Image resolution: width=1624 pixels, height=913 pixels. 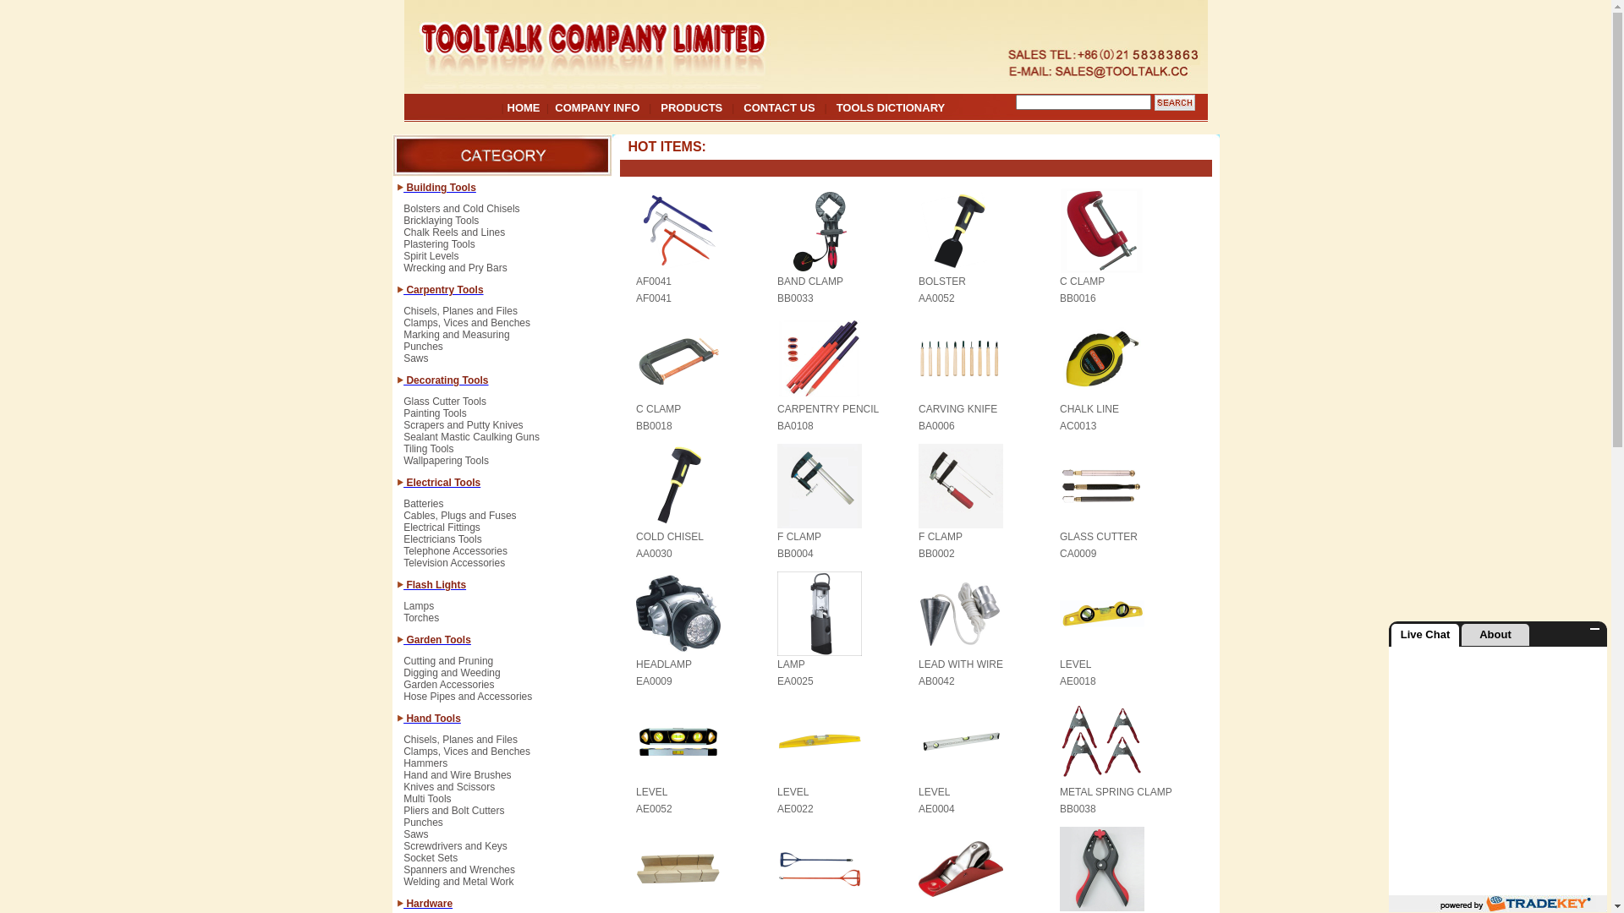 What do you see at coordinates (434, 583) in the screenshot?
I see `'Flash Lights'` at bounding box center [434, 583].